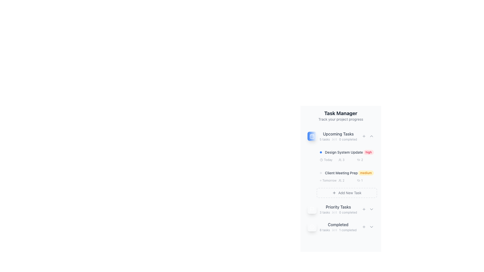  What do you see at coordinates (349, 193) in the screenshot?
I see `the text label inside the clickable area to initiate adding a new task in the task manager, located beneath 'Client Meeting Prep' and above 'Priority Tasks'` at bounding box center [349, 193].